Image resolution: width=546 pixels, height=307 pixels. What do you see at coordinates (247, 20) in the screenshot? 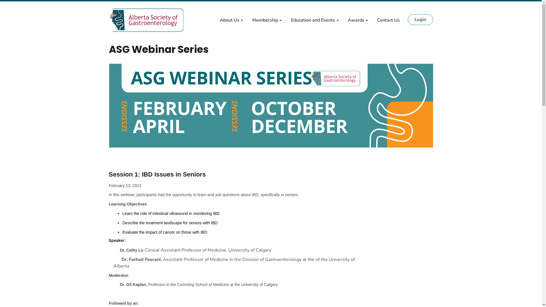
I see `'Membership'` at bounding box center [247, 20].